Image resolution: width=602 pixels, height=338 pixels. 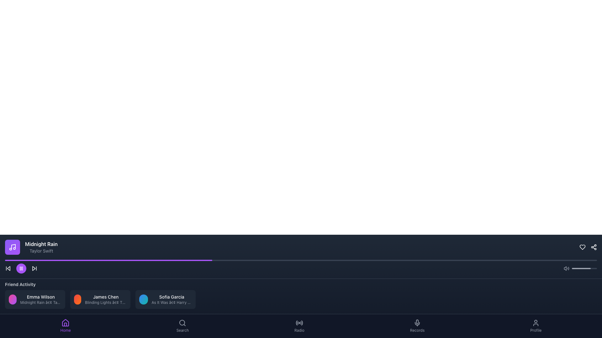 What do you see at coordinates (40, 302) in the screenshot?
I see `the Text label indicating the song and artist name associated with the user 'Emma Wilson', located under the 'Emma Wilson' text in the 'Friend Activity' section` at bounding box center [40, 302].